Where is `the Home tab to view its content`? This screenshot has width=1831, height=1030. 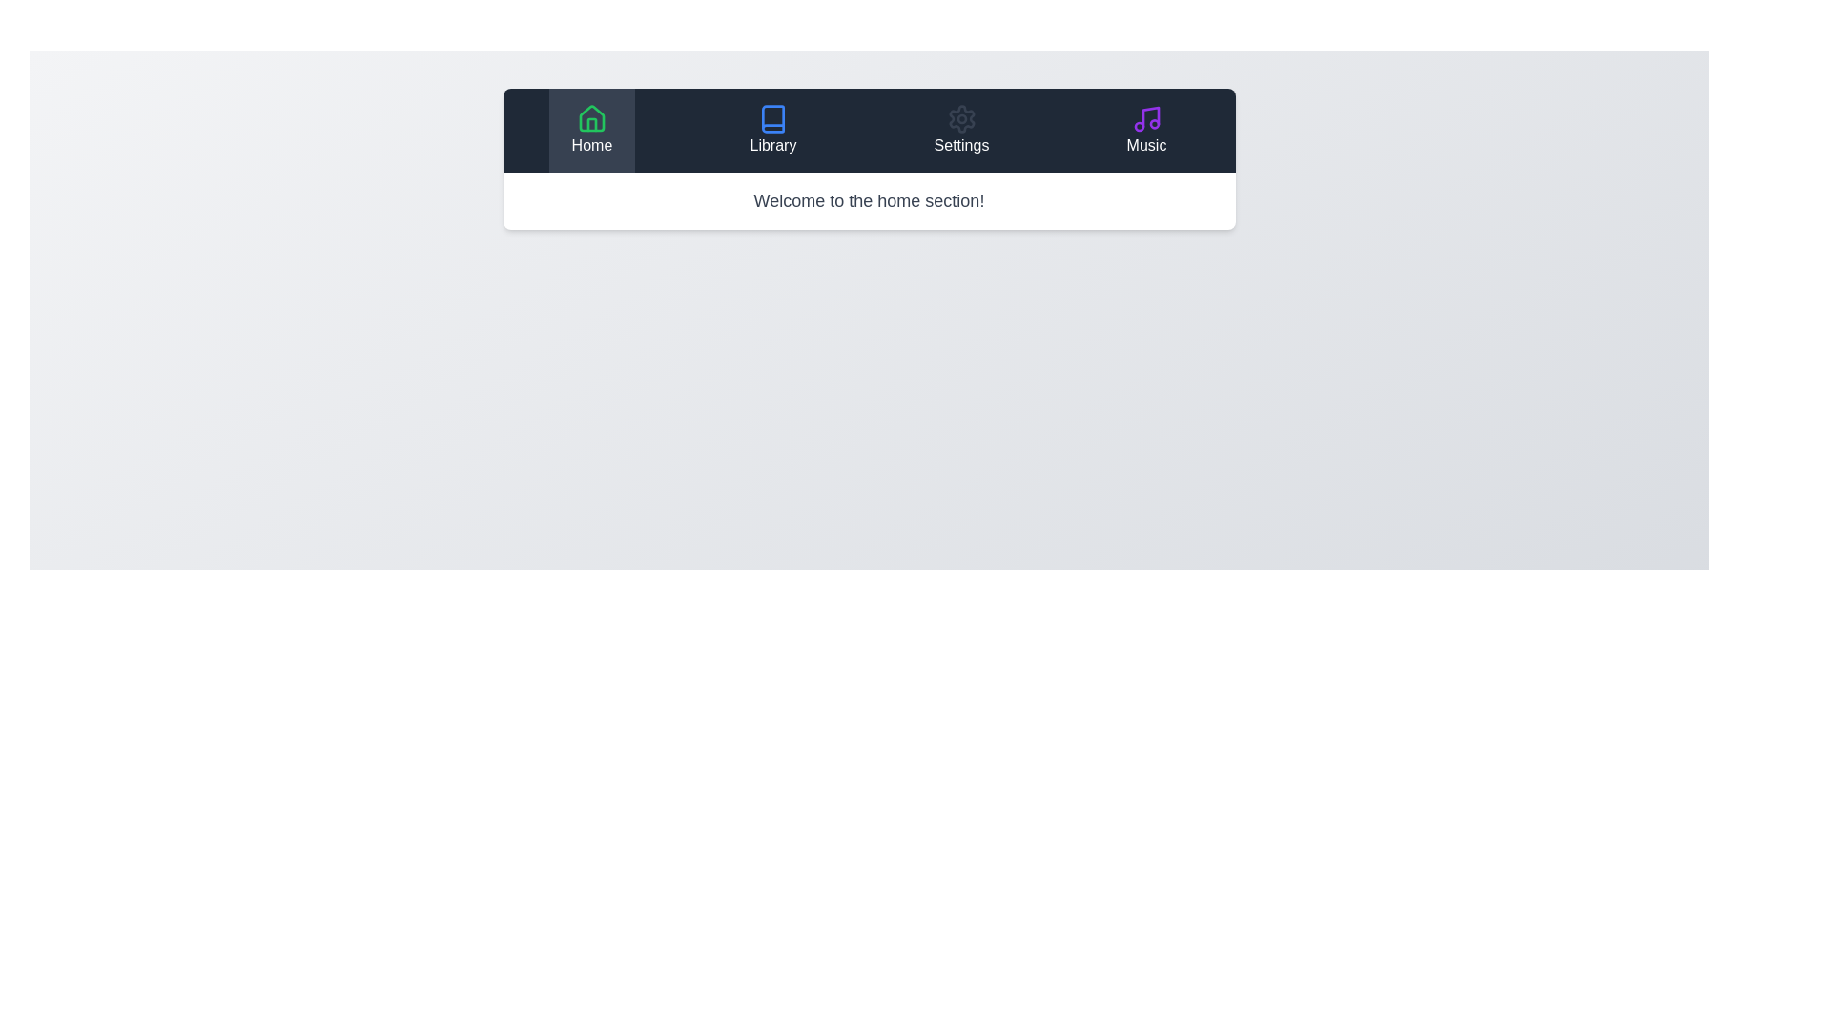
the Home tab to view its content is located at coordinates (590, 130).